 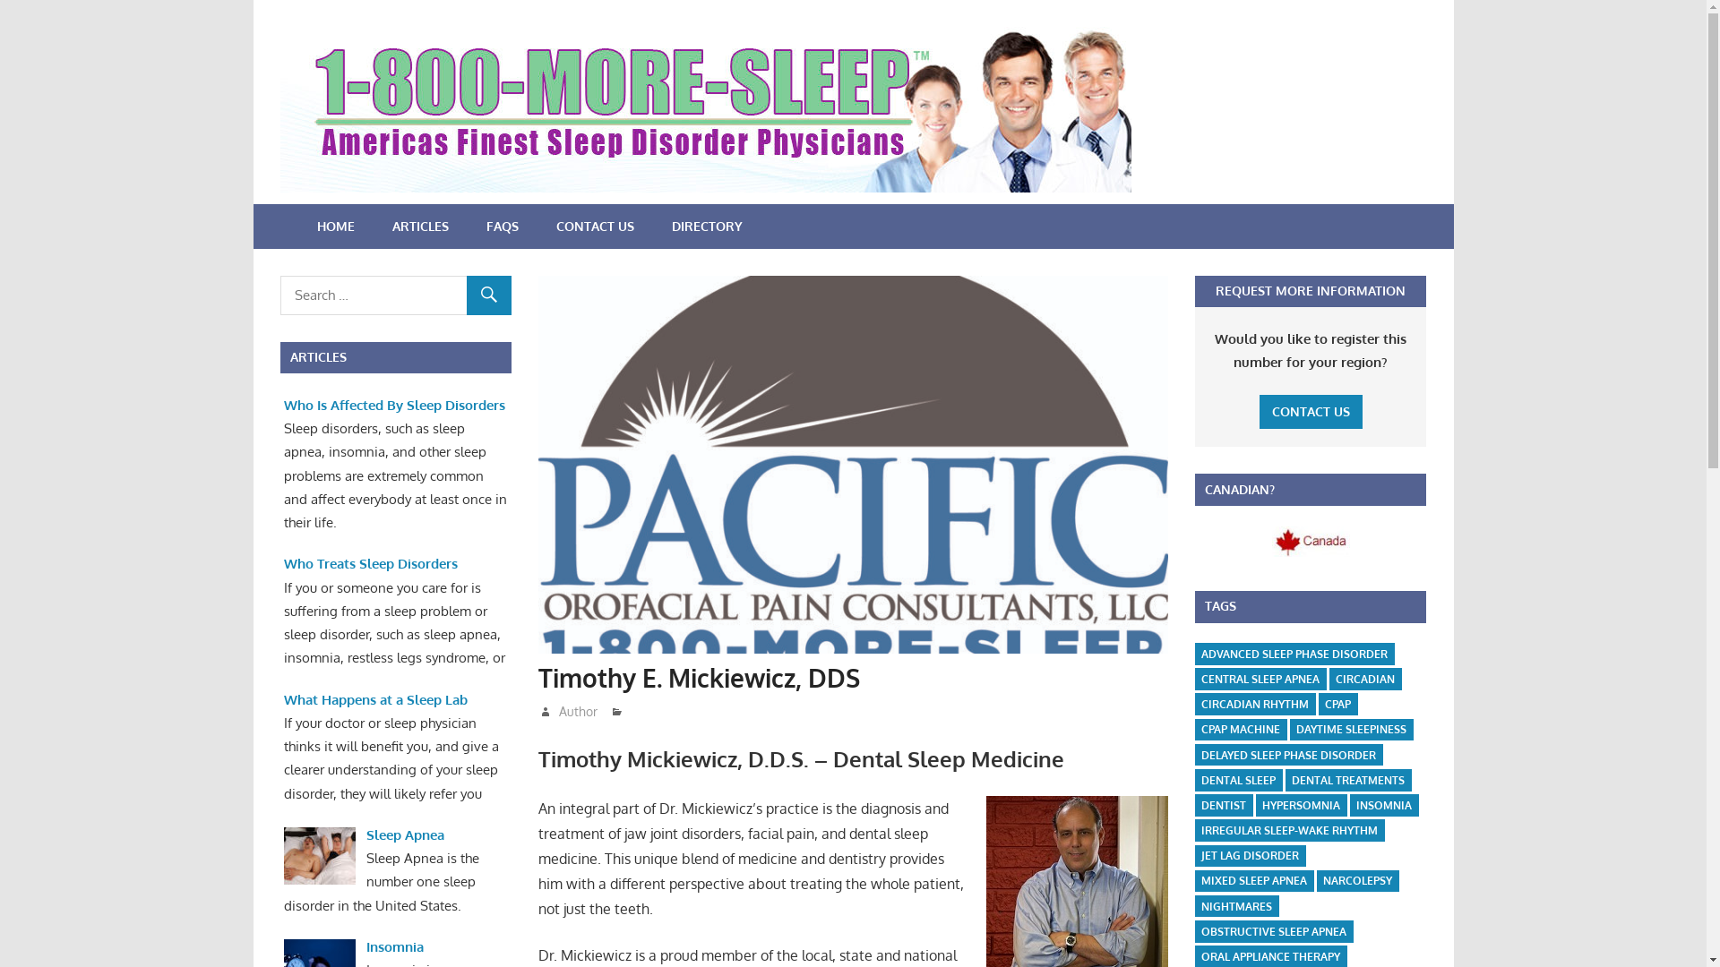 What do you see at coordinates (418, 226) in the screenshot?
I see `'ARTICLES'` at bounding box center [418, 226].